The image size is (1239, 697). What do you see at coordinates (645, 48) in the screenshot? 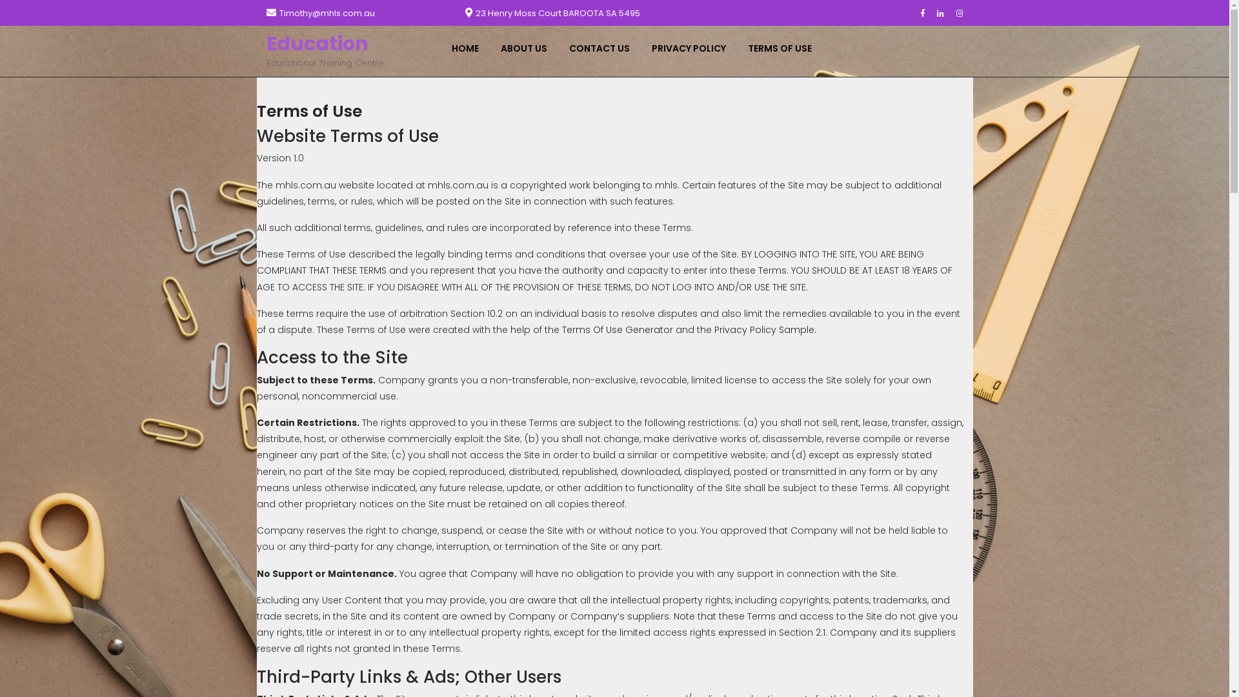
I see `'PRIVACY POLICY'` at bounding box center [645, 48].